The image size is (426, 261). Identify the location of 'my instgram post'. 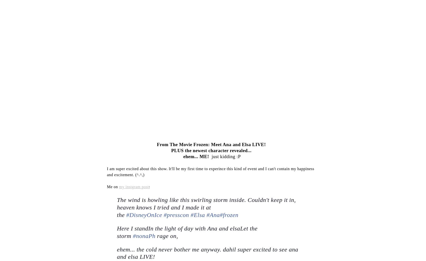
(133, 186).